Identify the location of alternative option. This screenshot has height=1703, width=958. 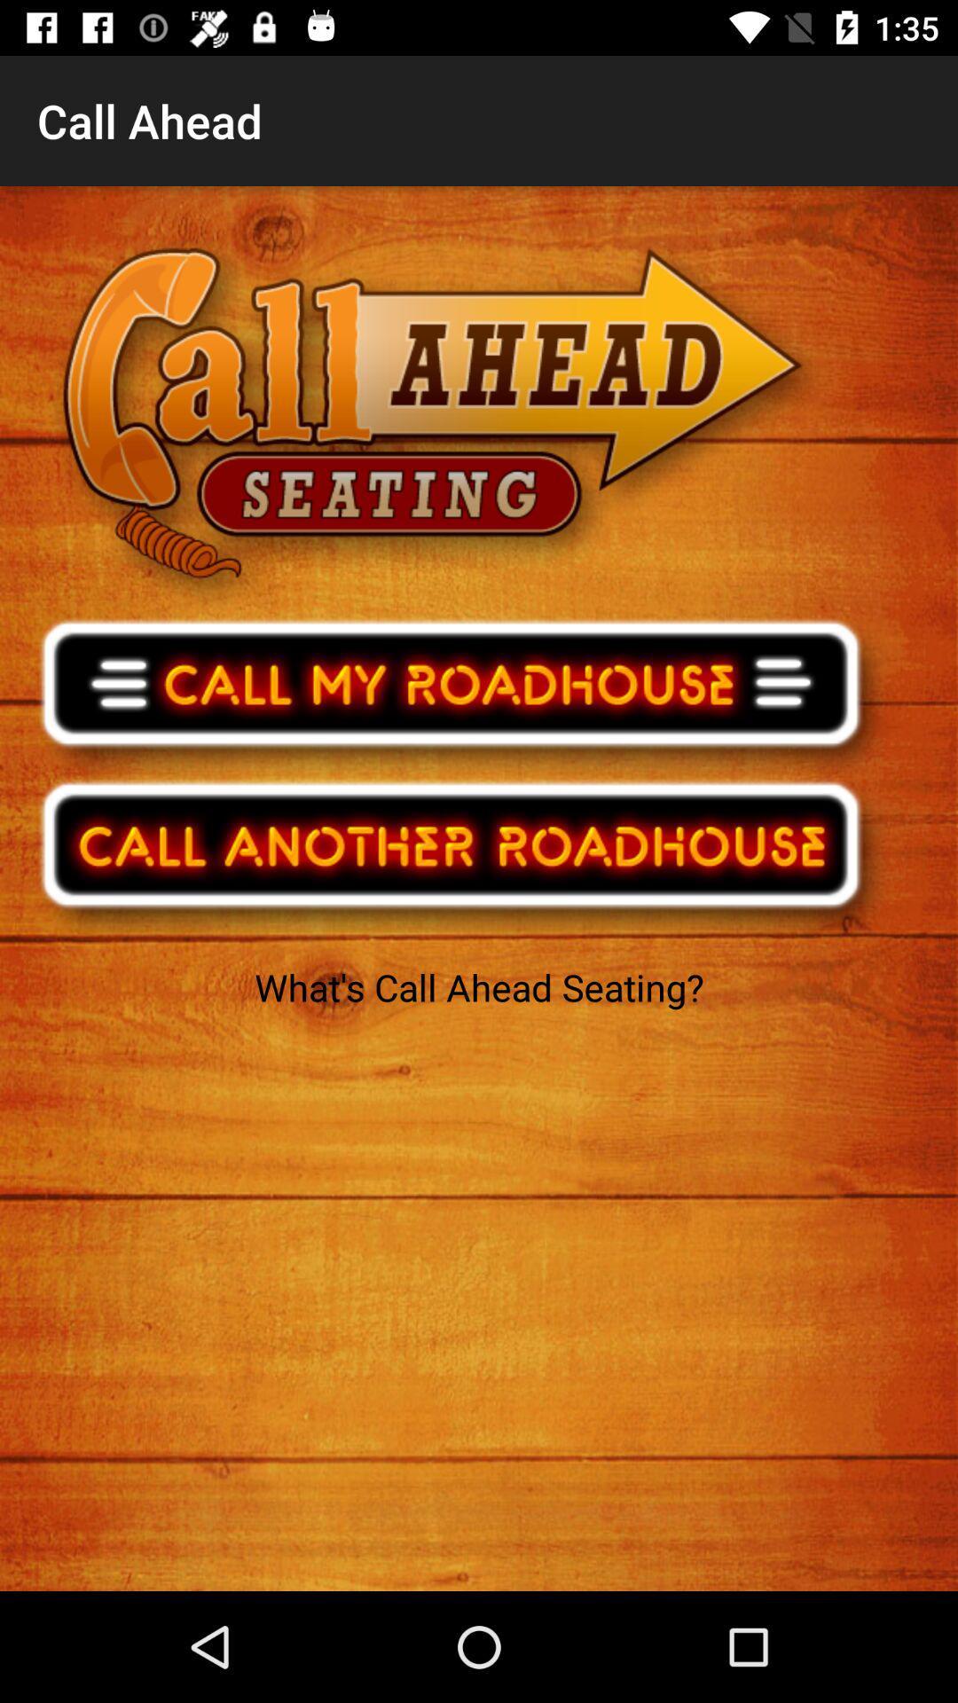
(462, 856).